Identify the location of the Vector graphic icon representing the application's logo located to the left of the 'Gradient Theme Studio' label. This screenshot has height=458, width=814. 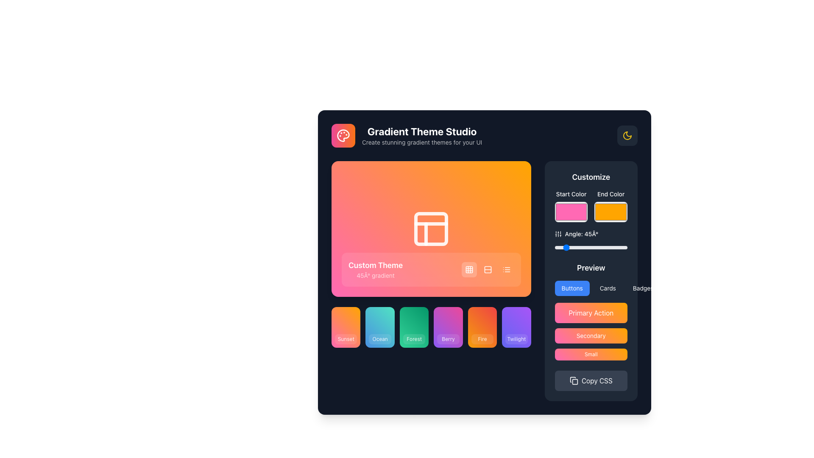
(343, 135).